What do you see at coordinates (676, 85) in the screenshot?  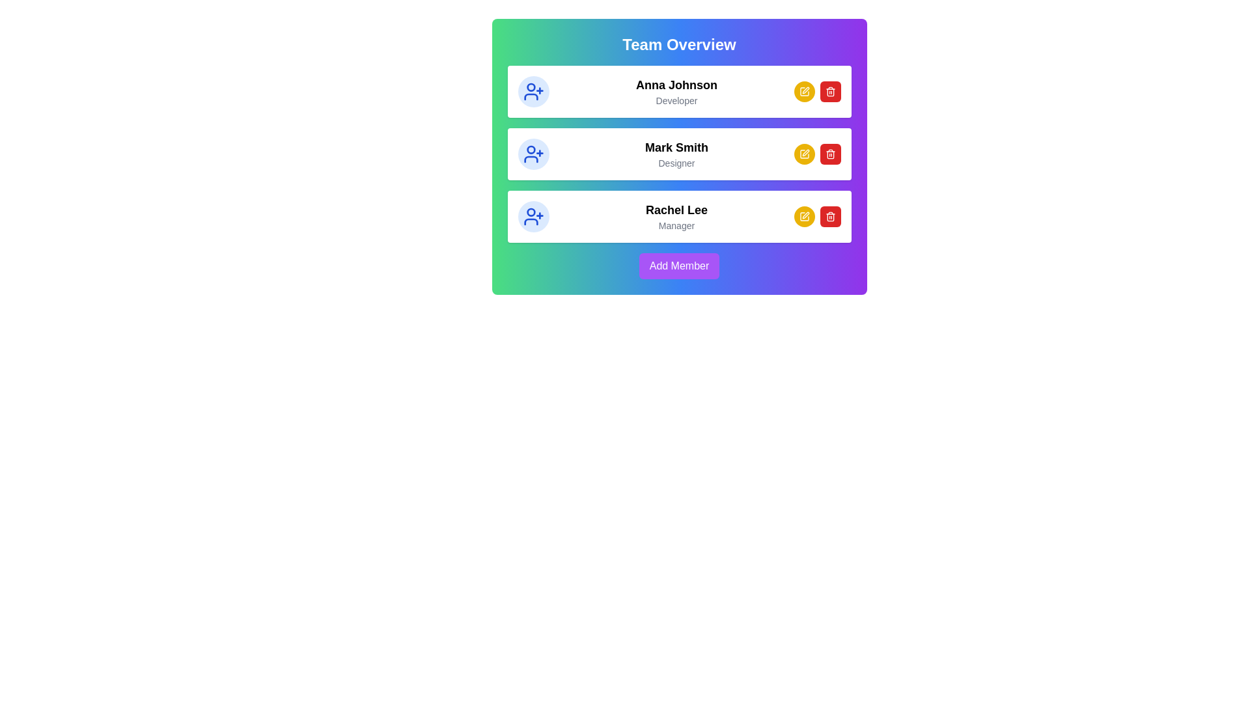 I see `the text element that identifies the individual 'Anna Johnson' within the list of members, which is located at the top section of the vertical list, above the text 'Developer'` at bounding box center [676, 85].